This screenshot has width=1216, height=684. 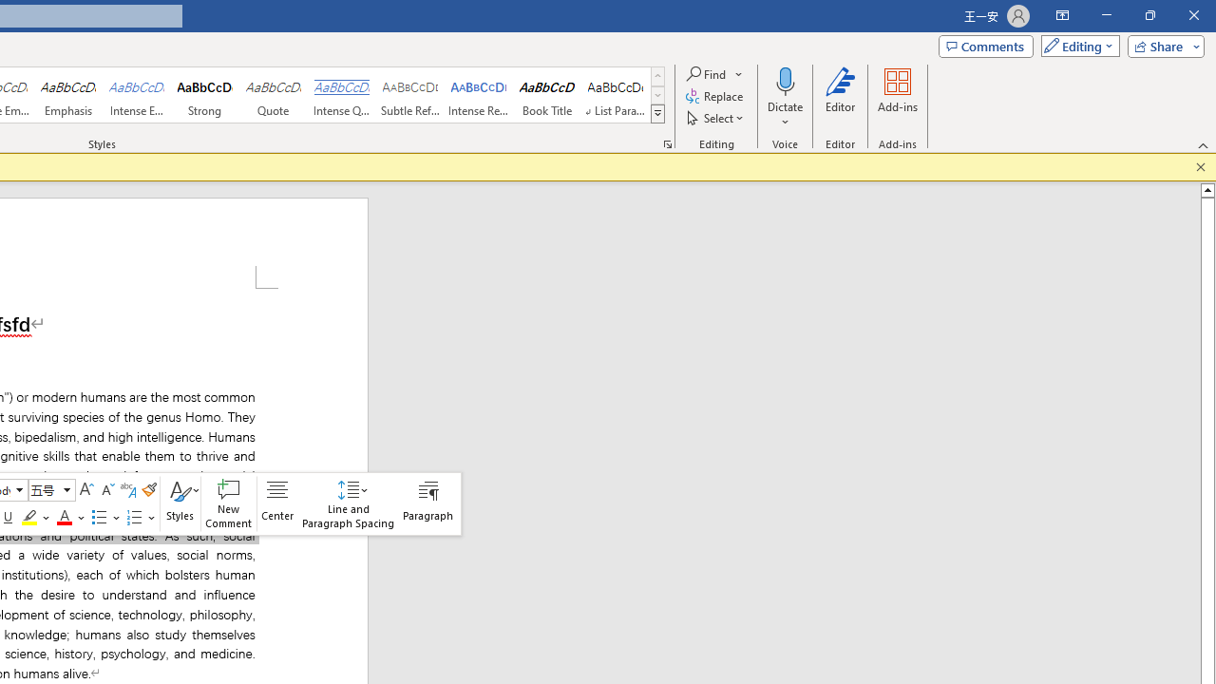 What do you see at coordinates (273, 95) in the screenshot?
I see `'Quote'` at bounding box center [273, 95].